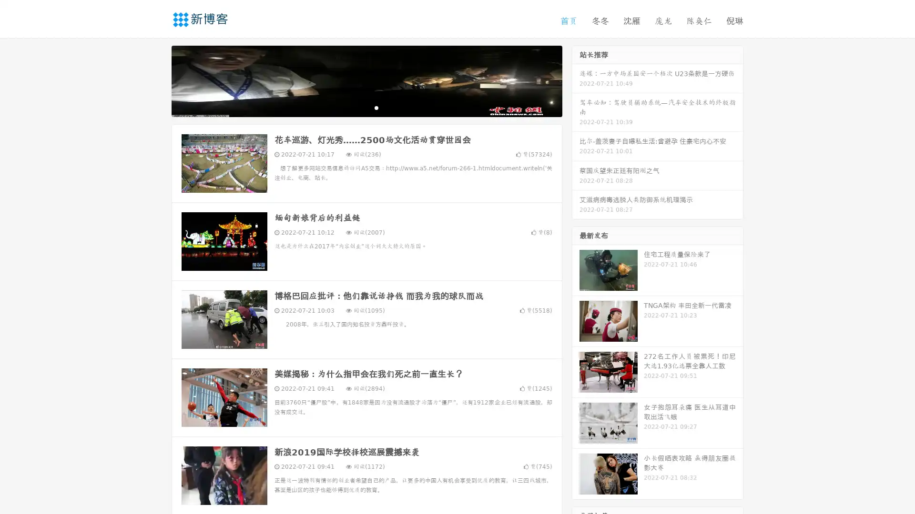 The height and width of the screenshot is (514, 915). Describe the element at coordinates (356, 107) in the screenshot. I see `Go to slide 1` at that location.